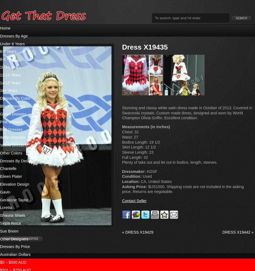 The image size is (255, 271). What do you see at coordinates (13, 145) in the screenshot?
I see `'Yellow Dresses'` at bounding box center [13, 145].